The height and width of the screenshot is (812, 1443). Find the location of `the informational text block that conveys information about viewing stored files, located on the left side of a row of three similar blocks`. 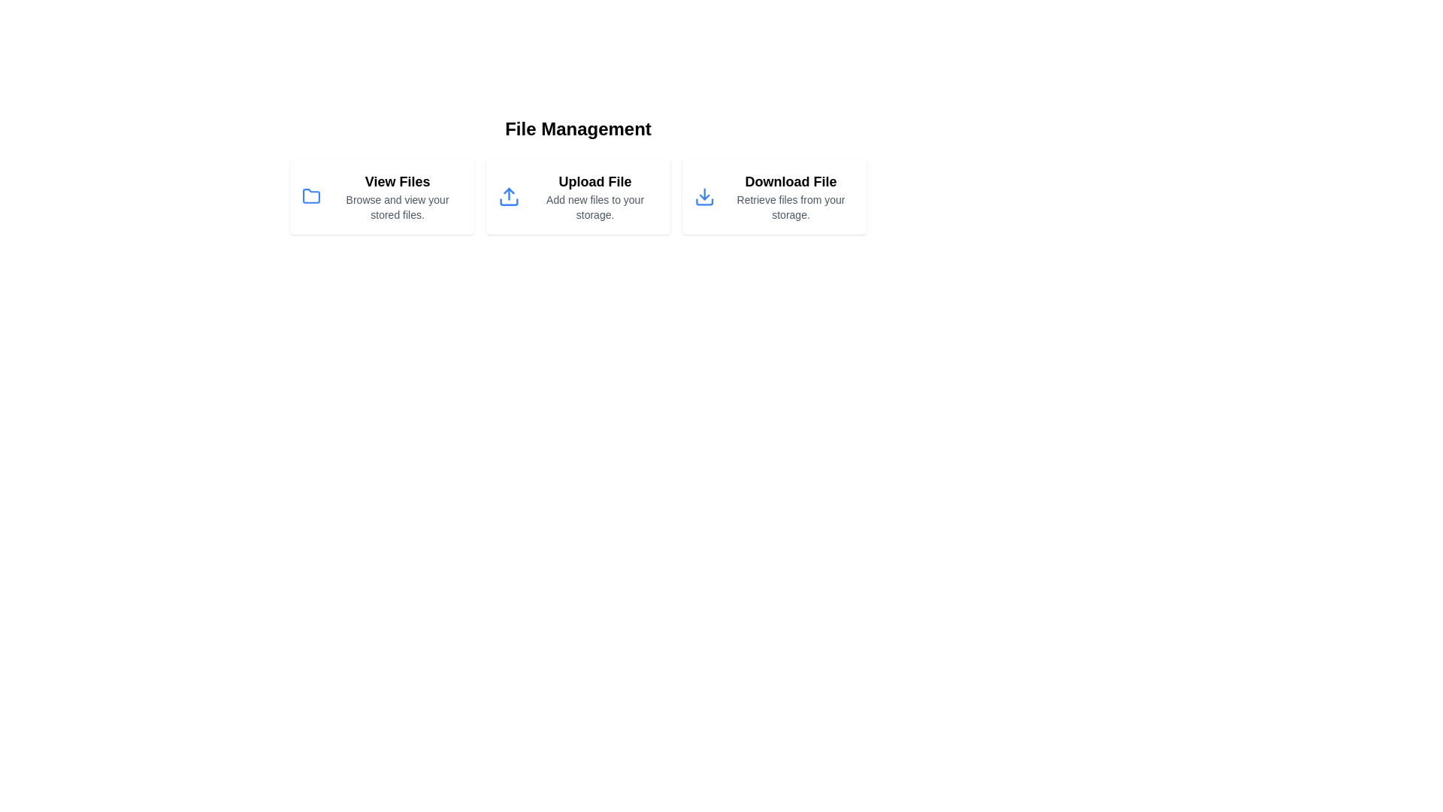

the informational text block that conveys information about viewing stored files, located on the left side of a row of three similar blocks is located at coordinates (398, 196).